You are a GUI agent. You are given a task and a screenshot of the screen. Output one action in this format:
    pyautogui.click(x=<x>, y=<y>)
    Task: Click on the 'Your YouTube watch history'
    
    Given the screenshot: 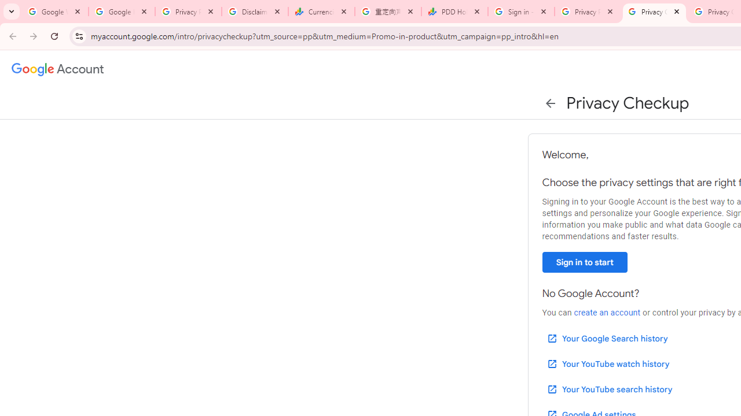 What is the action you would take?
    pyautogui.click(x=607, y=364)
    